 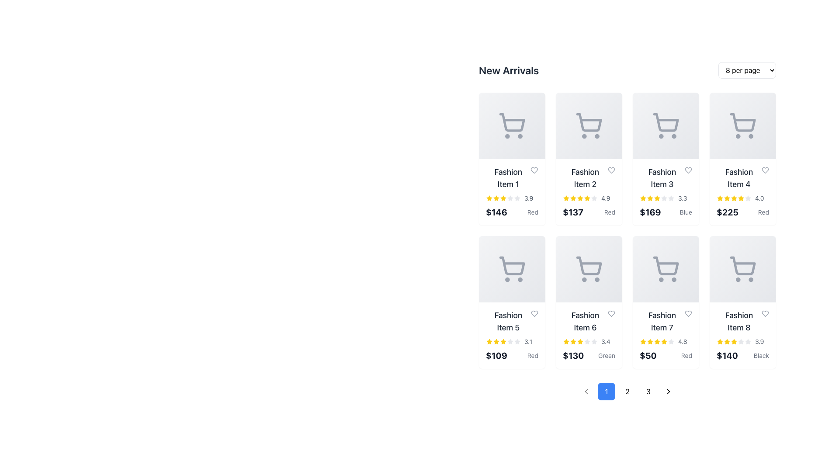 I want to click on the yellow star icon representing the rating for 'Fashion Item 7' within the product card grid, so click(x=643, y=341).